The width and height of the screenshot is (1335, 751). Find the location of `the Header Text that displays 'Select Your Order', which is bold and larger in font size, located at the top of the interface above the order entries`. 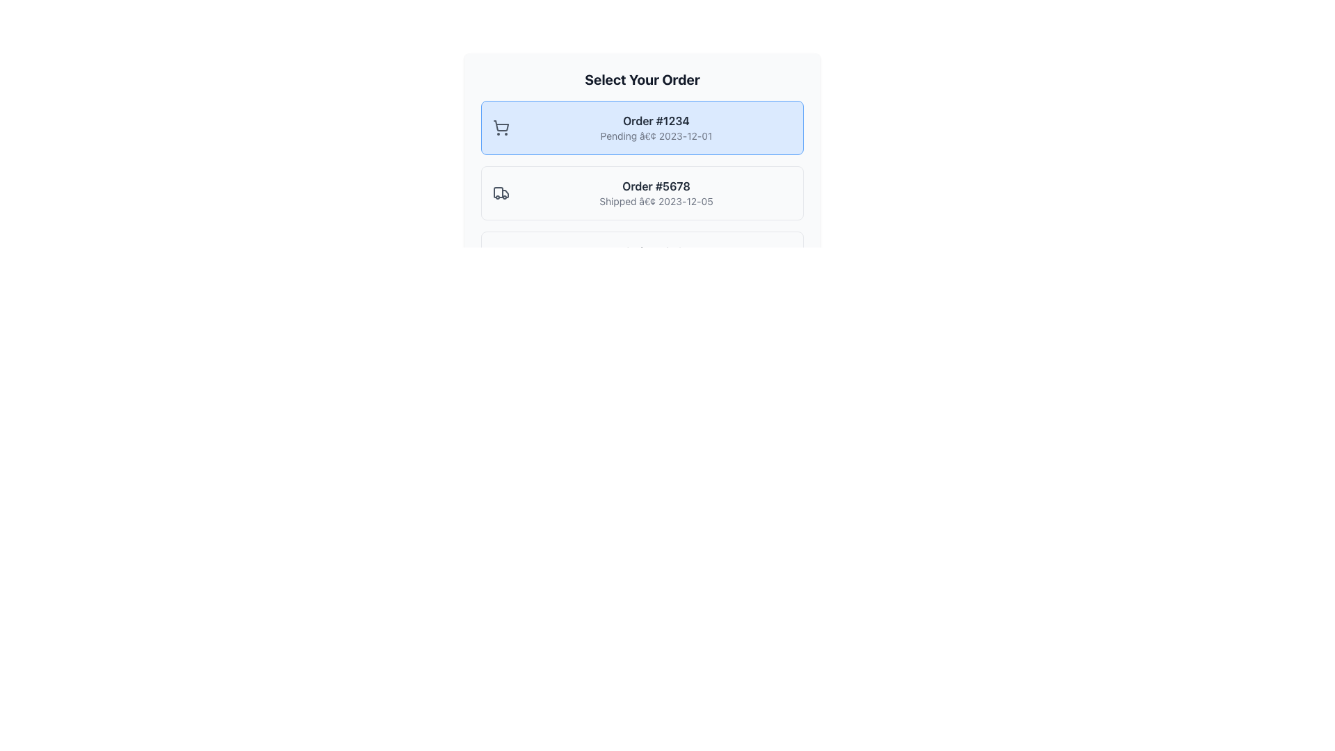

the Header Text that displays 'Select Your Order', which is bold and larger in font size, located at the top of the interface above the order entries is located at coordinates (642, 80).